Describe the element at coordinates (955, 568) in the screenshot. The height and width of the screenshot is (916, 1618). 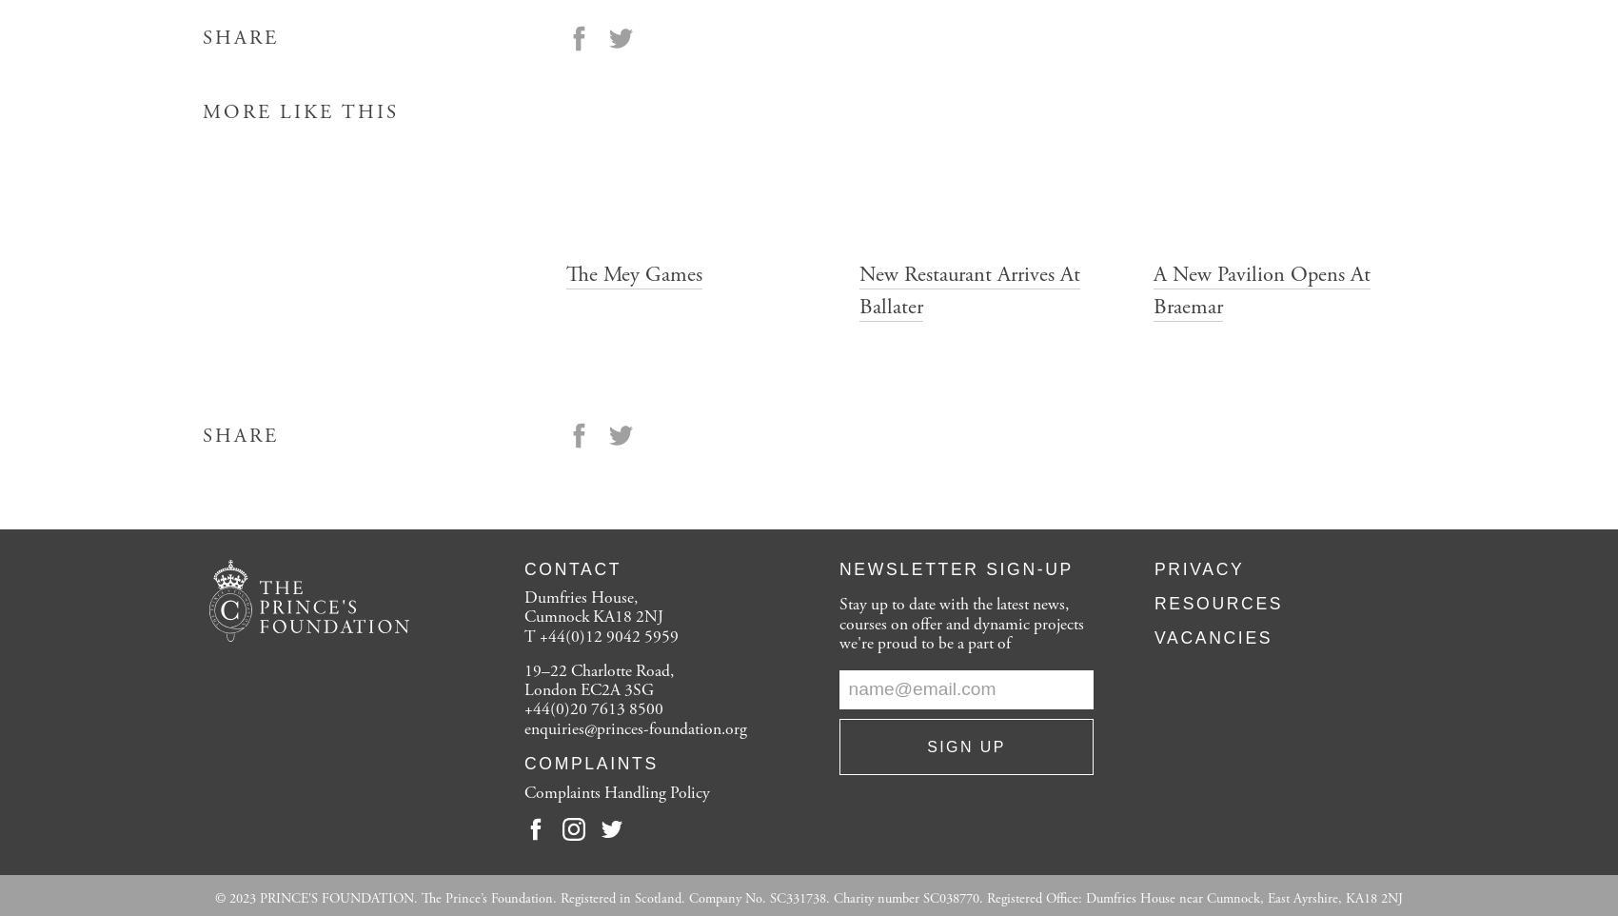
I see `'Newsletter sign-up'` at that location.